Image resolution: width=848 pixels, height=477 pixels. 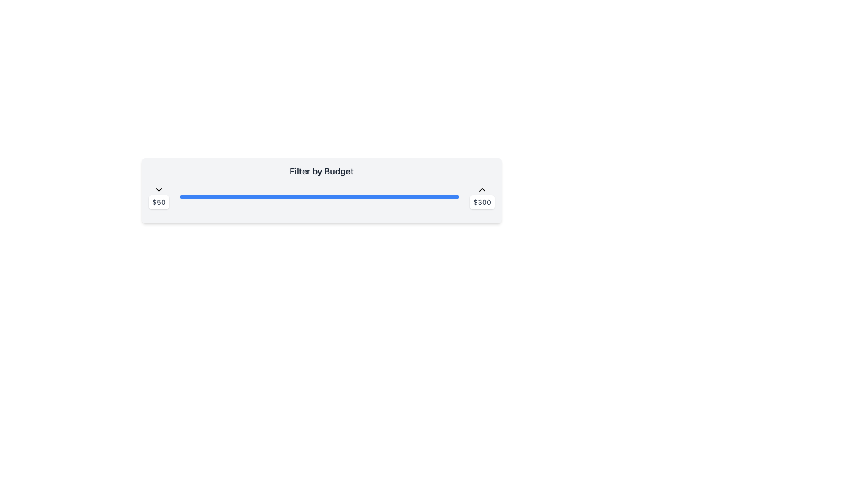 What do you see at coordinates (416, 197) in the screenshot?
I see `the budget filter` at bounding box center [416, 197].